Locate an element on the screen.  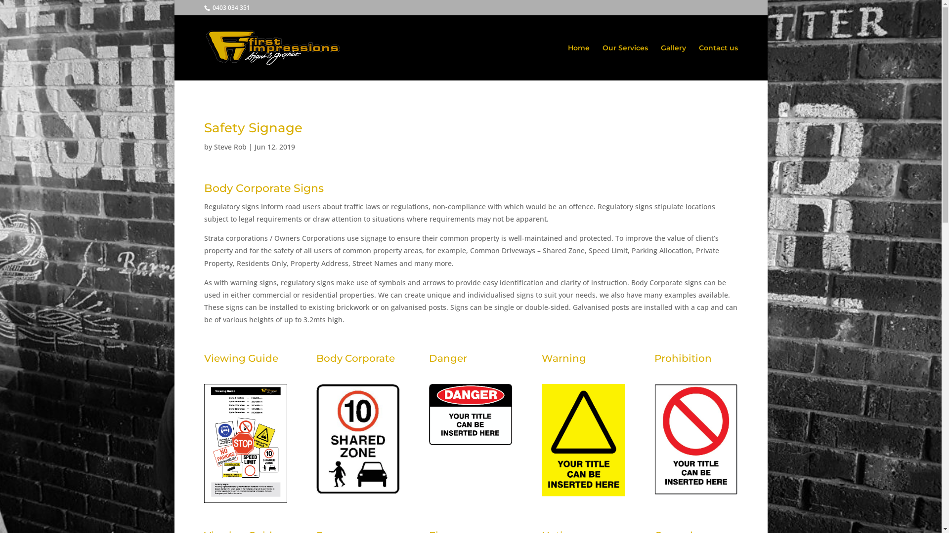
'0403 034 351' is located at coordinates (210, 7).